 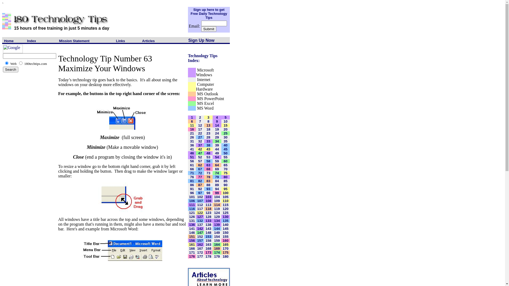 What do you see at coordinates (208, 165) in the screenshot?
I see `'63'` at bounding box center [208, 165].